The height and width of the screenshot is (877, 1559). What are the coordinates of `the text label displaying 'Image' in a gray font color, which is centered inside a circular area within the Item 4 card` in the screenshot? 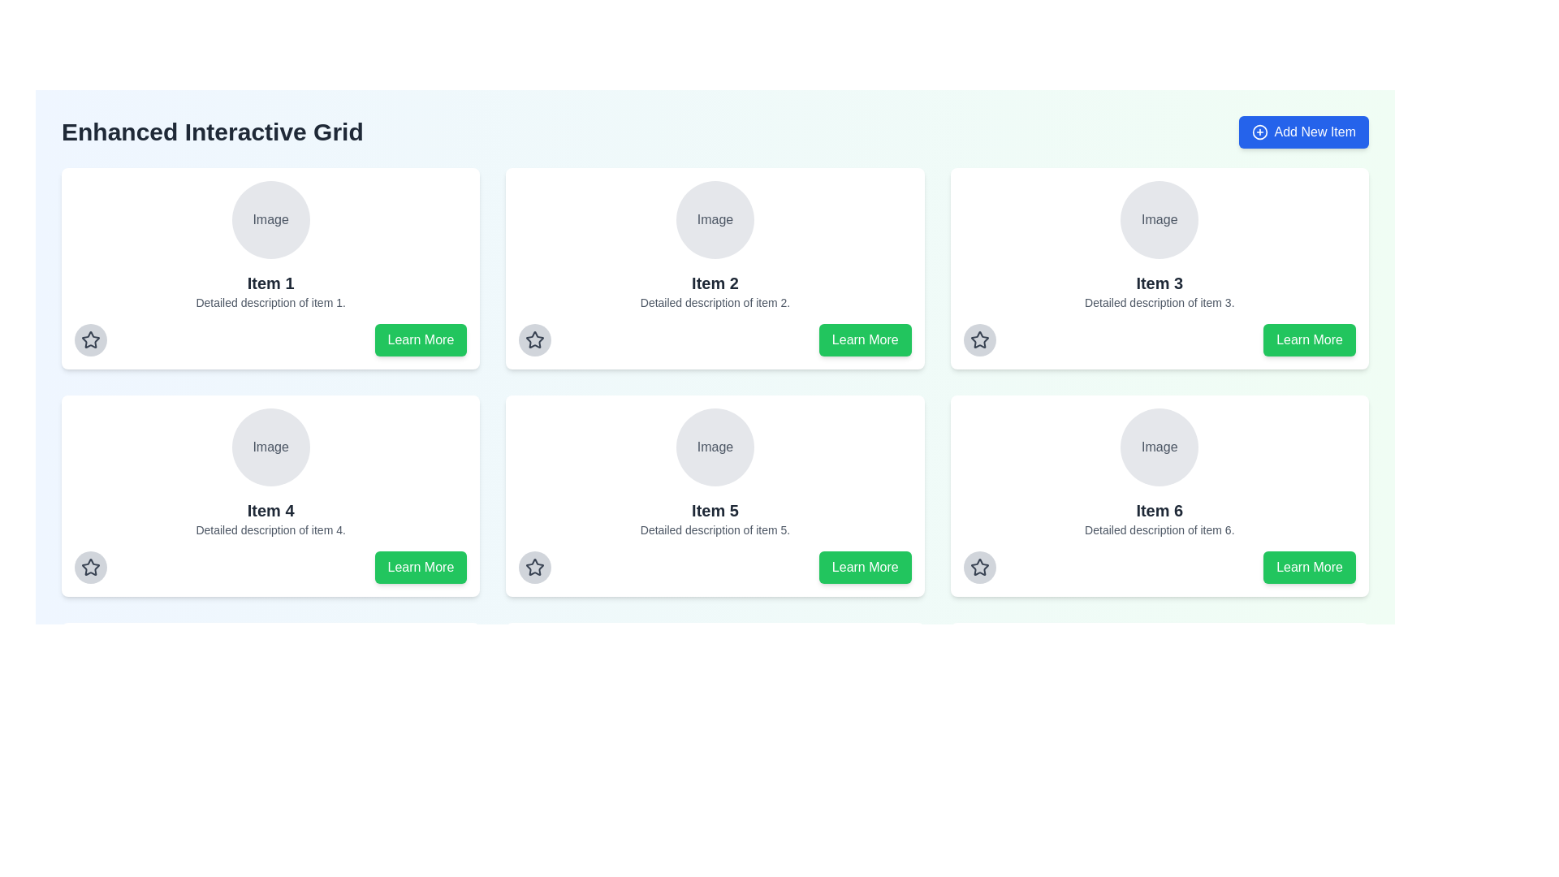 It's located at (270, 447).